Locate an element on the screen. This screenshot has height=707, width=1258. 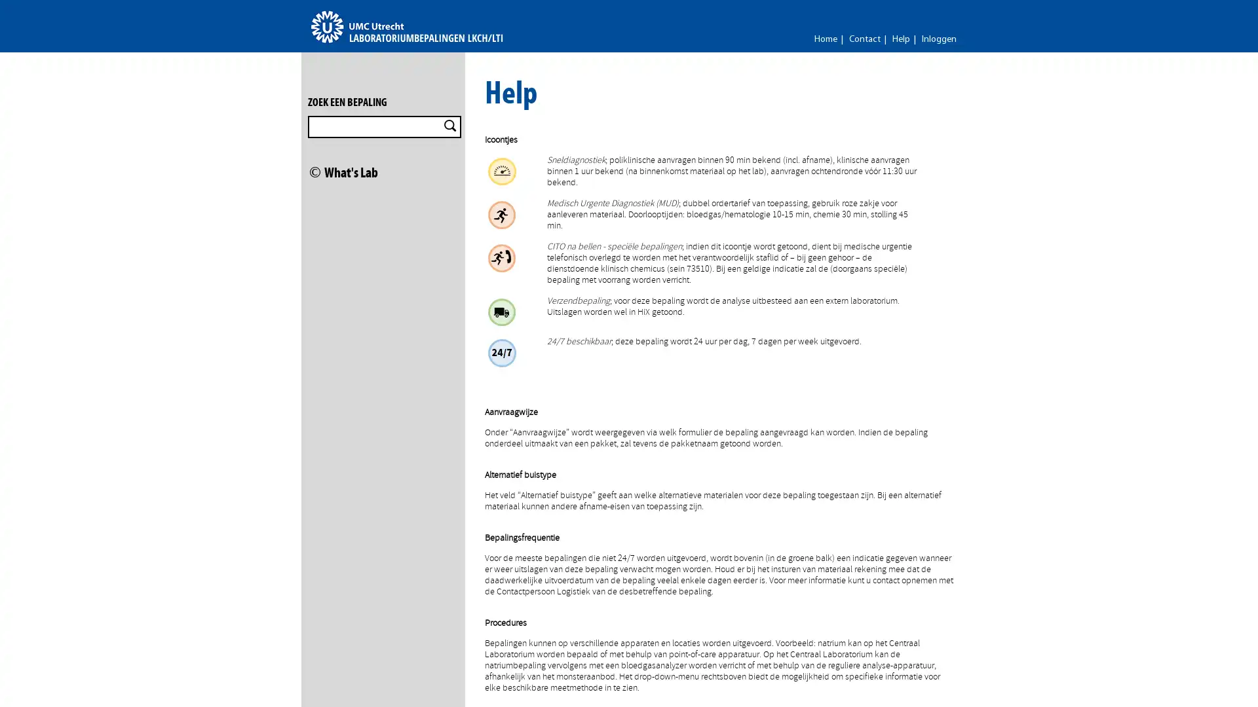
Zoek naar bepaling is located at coordinates (449, 126).